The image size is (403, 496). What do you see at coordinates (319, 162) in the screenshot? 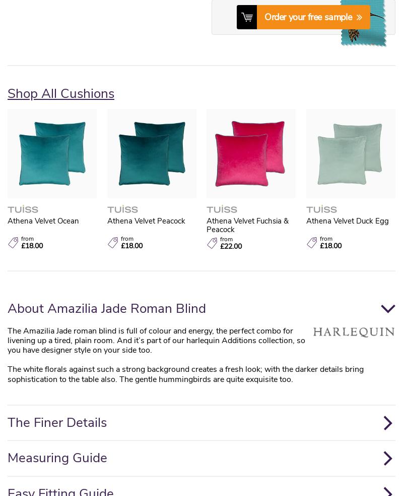
I see `'Electric Blinds'` at bounding box center [319, 162].